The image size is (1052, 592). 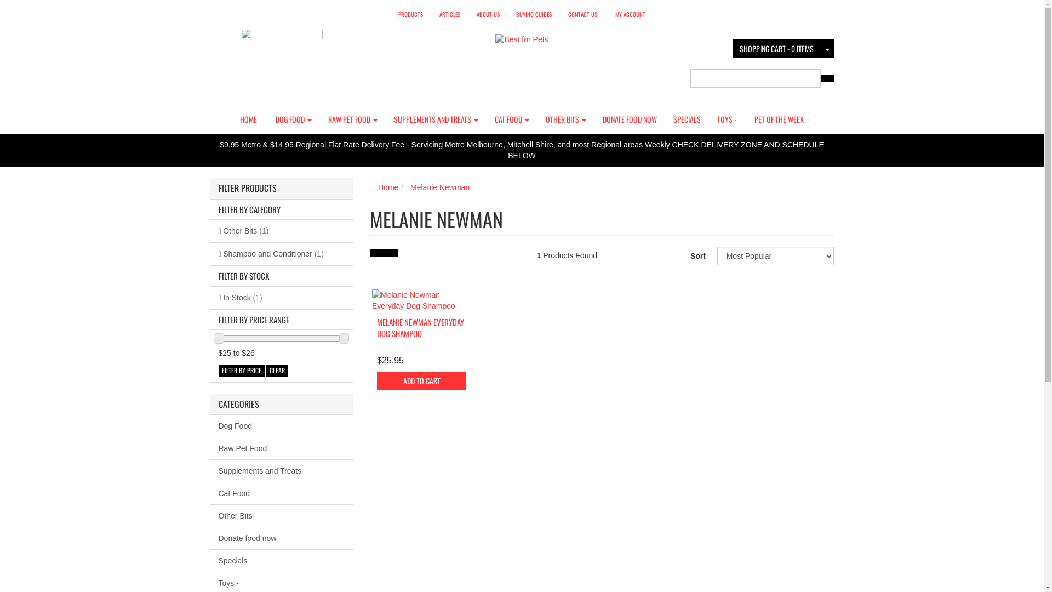 I want to click on 'ADD TO CART', so click(x=421, y=380).